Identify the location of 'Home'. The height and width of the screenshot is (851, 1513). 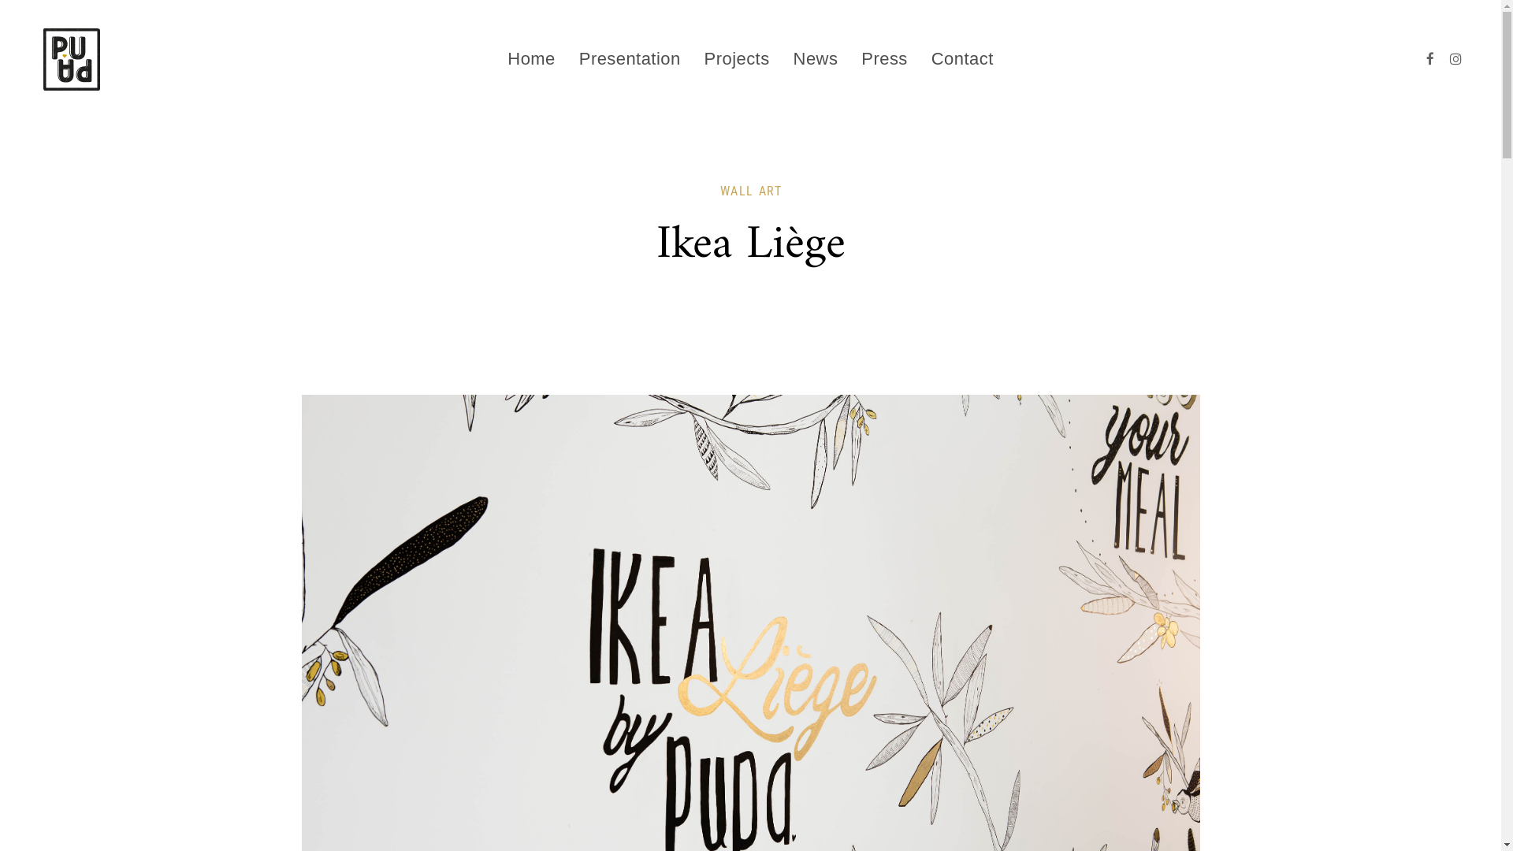
(530, 58).